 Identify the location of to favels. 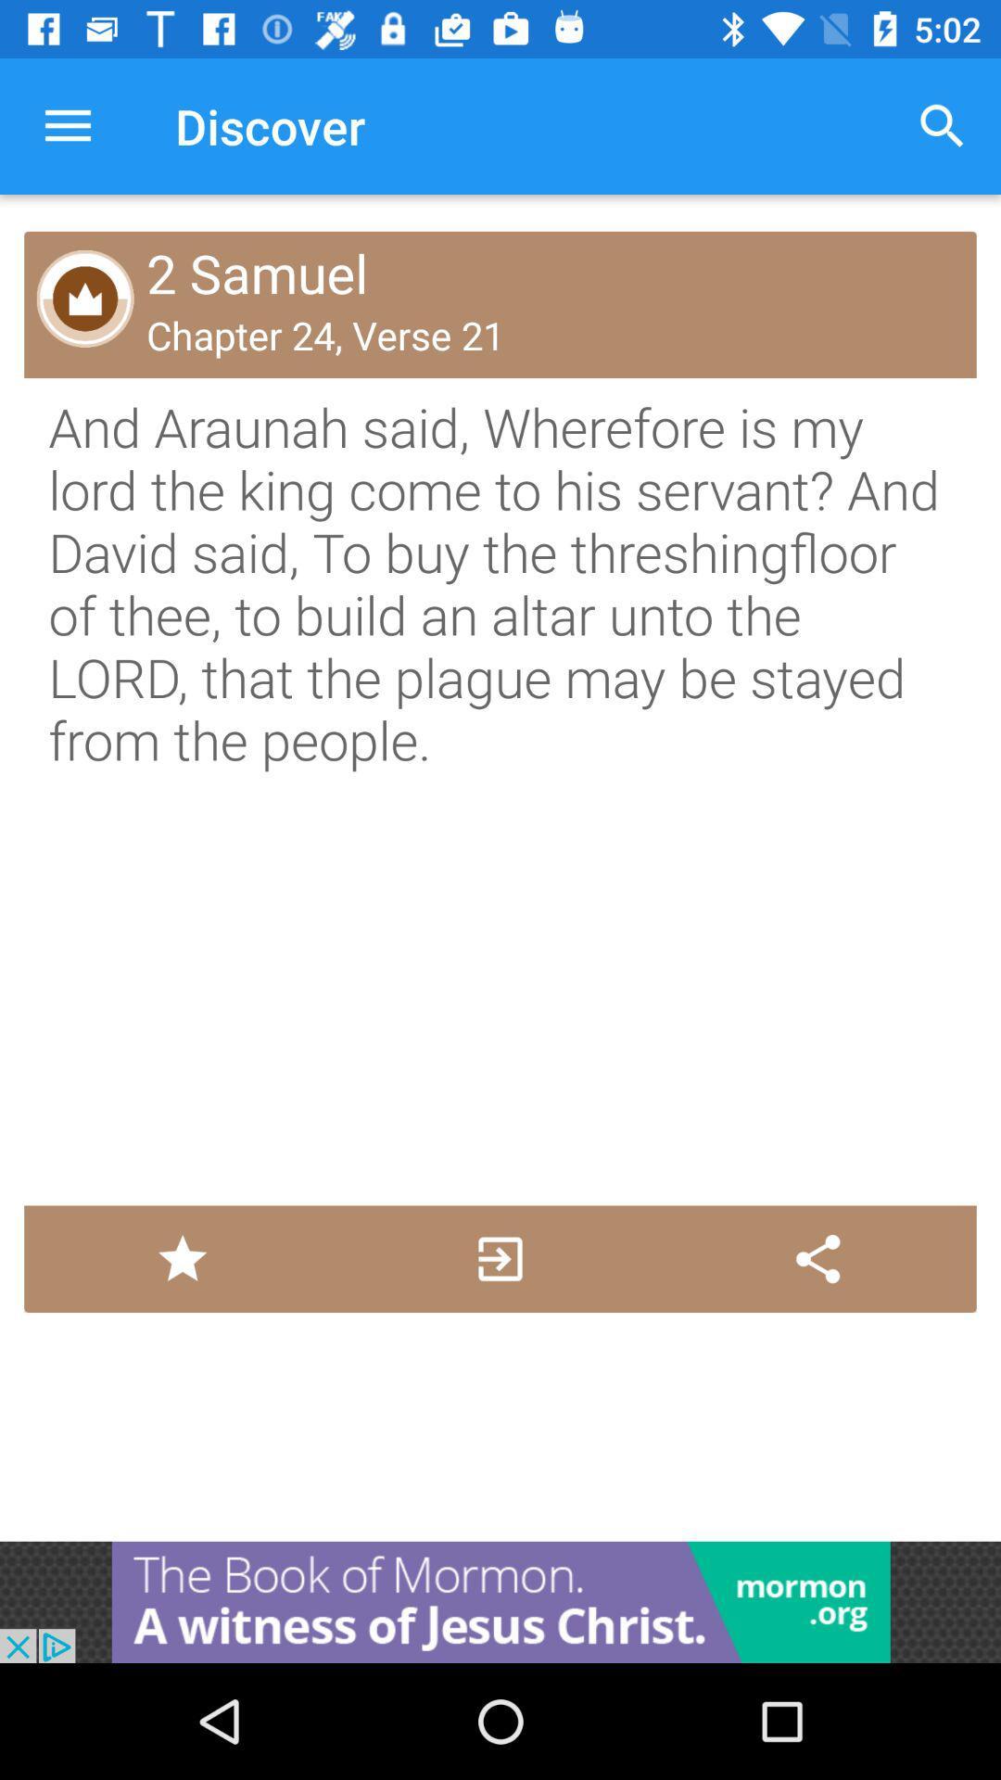
(183, 1259).